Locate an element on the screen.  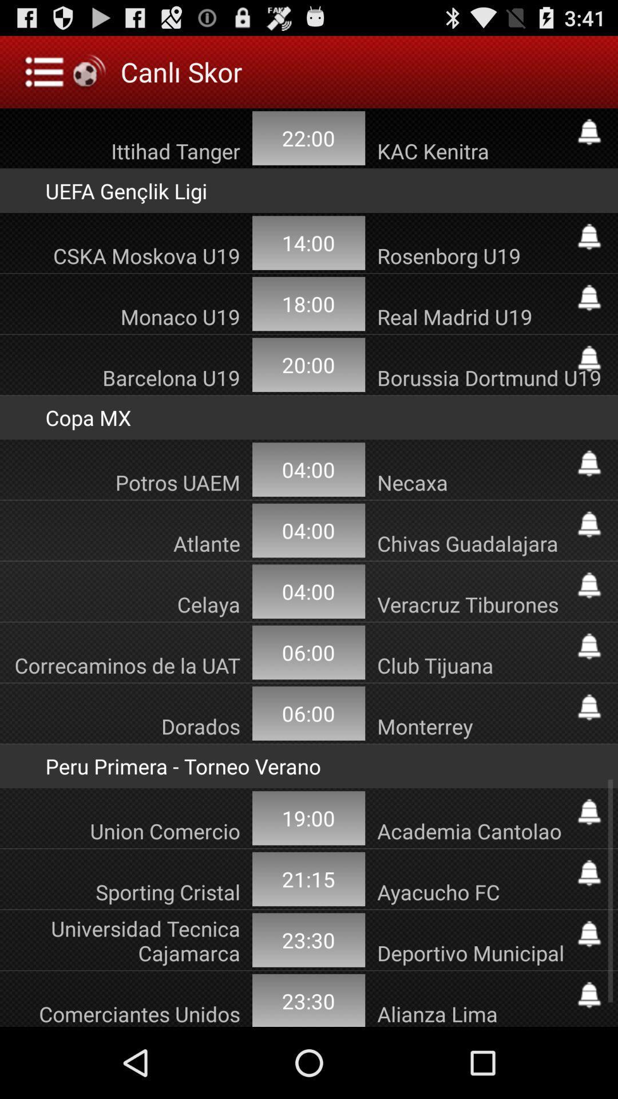
alert is located at coordinates (589, 298).